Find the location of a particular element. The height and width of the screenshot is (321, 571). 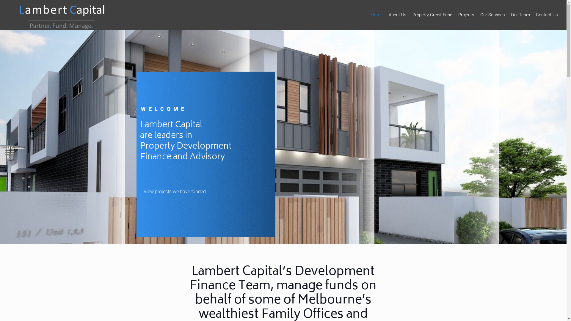

'View projects we have funded' is located at coordinates (174, 191).